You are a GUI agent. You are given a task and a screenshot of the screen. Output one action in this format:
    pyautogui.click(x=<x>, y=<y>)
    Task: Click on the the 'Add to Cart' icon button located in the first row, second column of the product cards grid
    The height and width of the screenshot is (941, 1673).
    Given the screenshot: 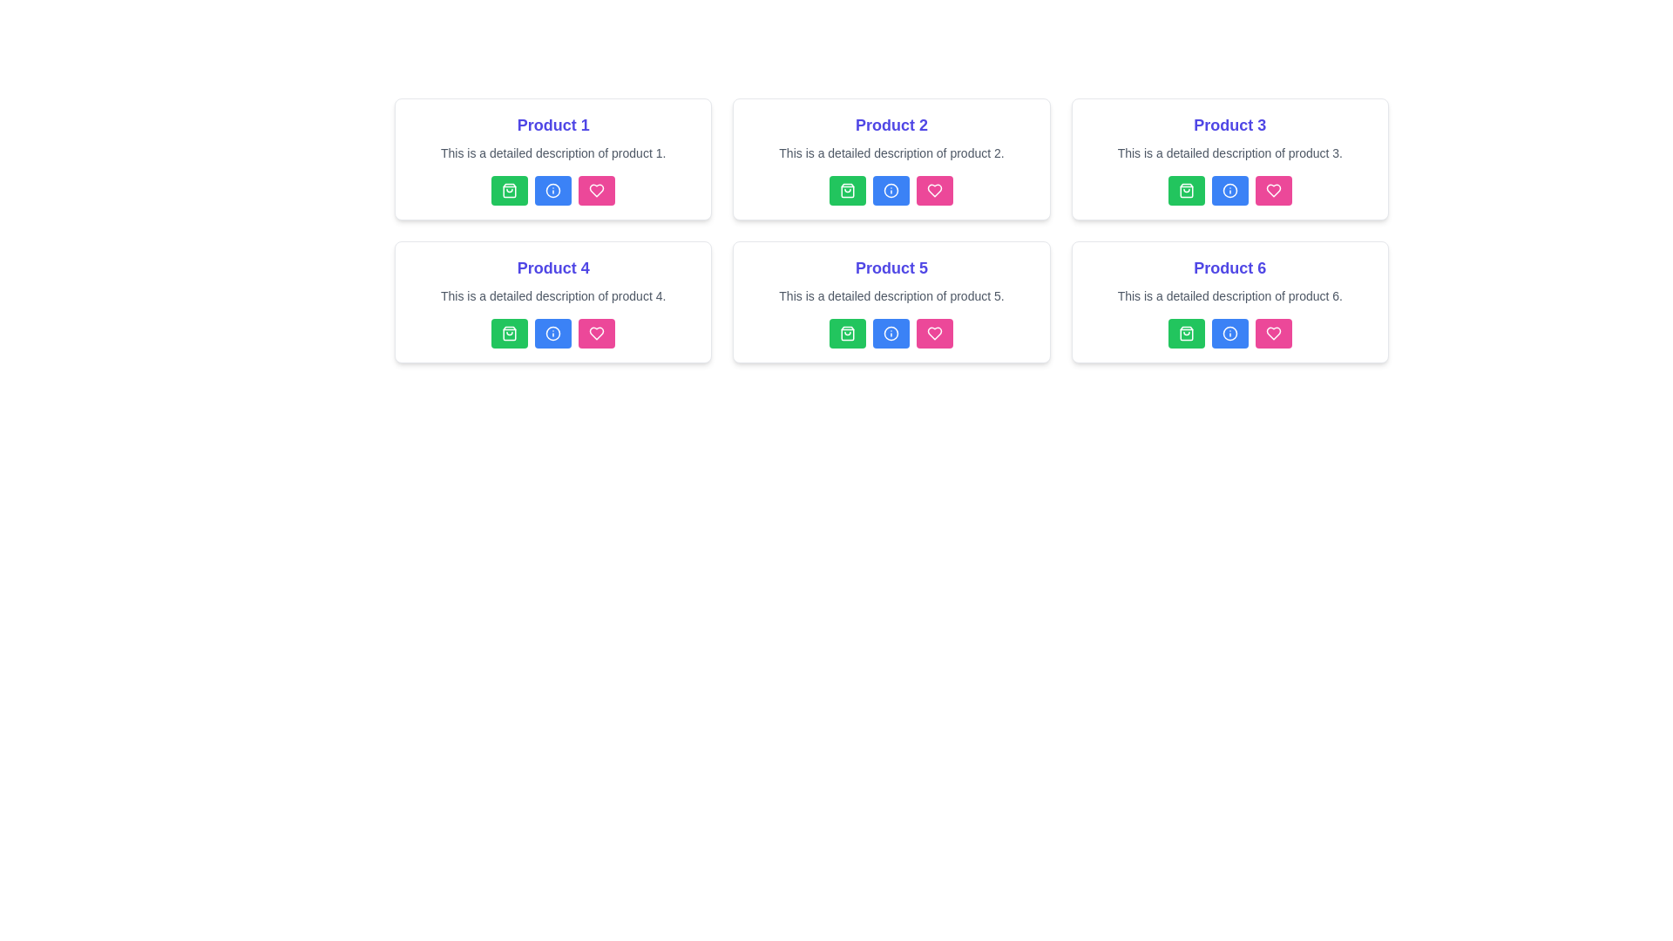 What is the action you would take?
    pyautogui.click(x=848, y=191)
    